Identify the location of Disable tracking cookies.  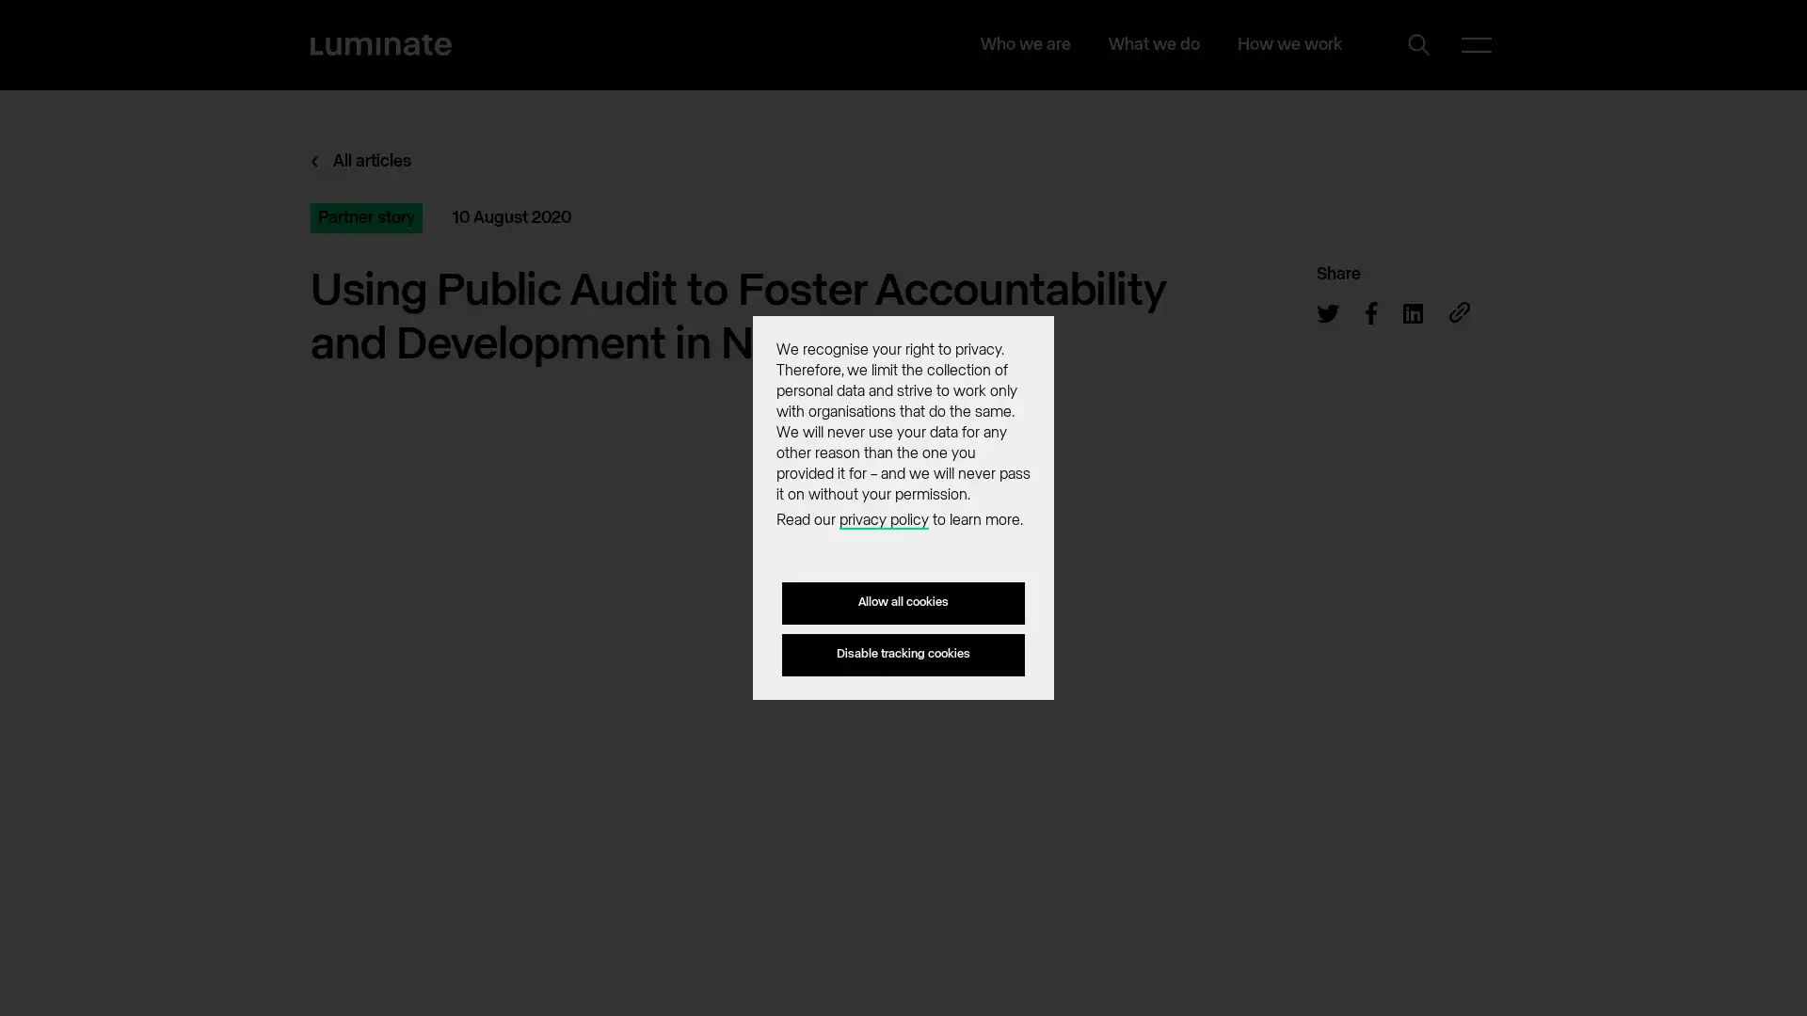
(903, 653).